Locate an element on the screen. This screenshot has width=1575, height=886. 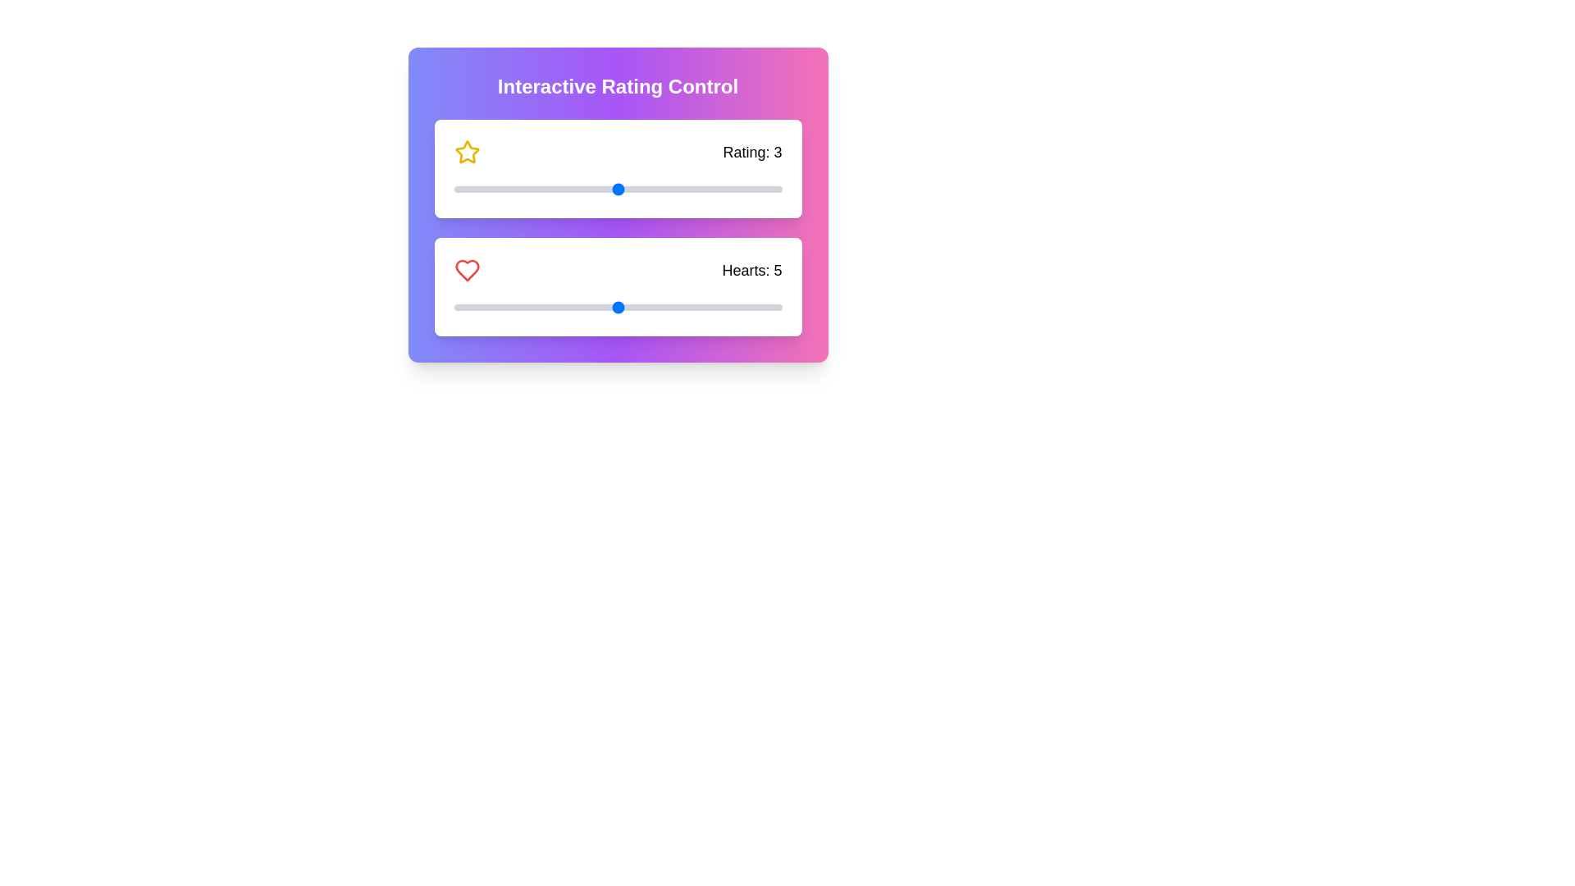
the rating slider to set the value to 2 is located at coordinates (536, 189).